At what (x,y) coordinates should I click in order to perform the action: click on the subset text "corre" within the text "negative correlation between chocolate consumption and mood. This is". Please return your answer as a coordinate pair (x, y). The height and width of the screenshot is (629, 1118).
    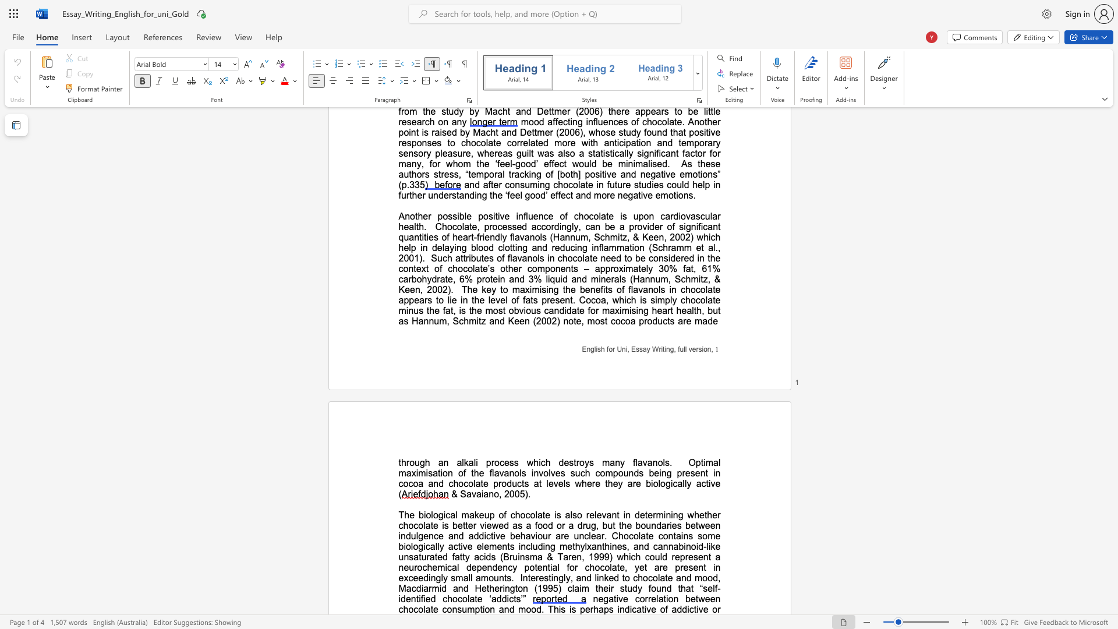
    Looking at the image, I should click on (634, 599).